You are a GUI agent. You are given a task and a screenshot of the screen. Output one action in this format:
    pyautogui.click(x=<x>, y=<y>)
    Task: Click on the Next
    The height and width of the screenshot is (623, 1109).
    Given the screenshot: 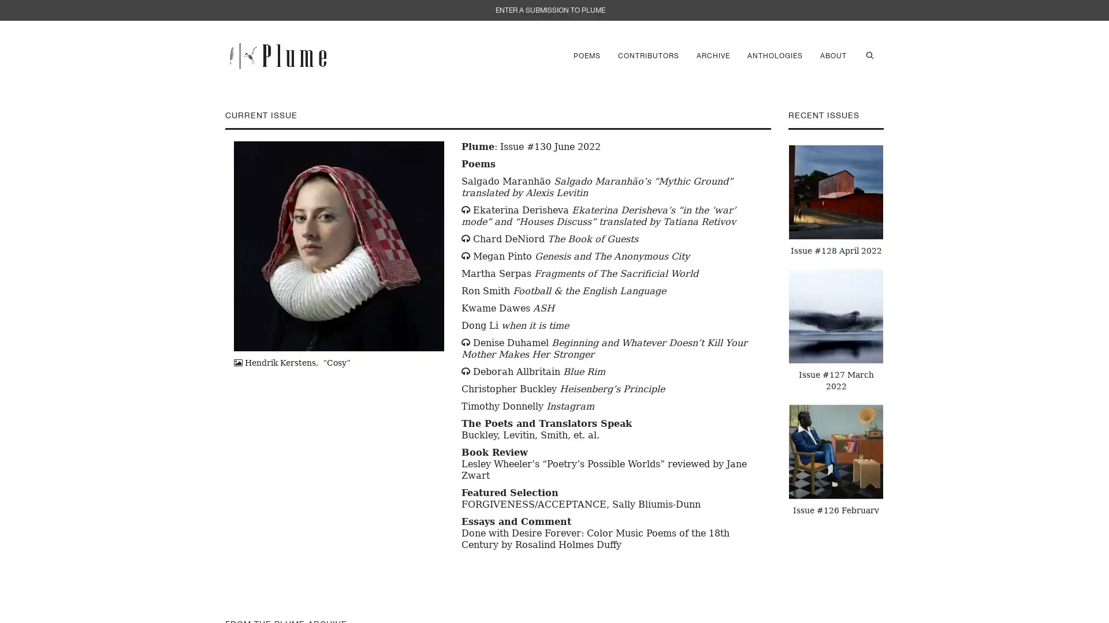 What is the action you would take?
    pyautogui.click(x=892, y=327)
    